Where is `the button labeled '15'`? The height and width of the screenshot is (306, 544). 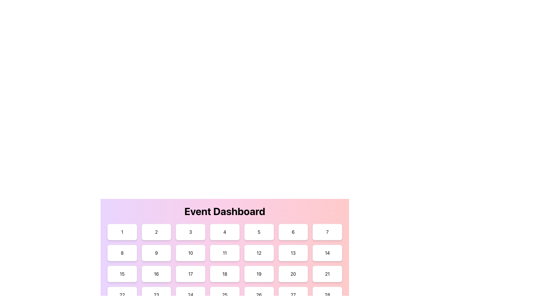
the button labeled '15' is located at coordinates (122, 274).